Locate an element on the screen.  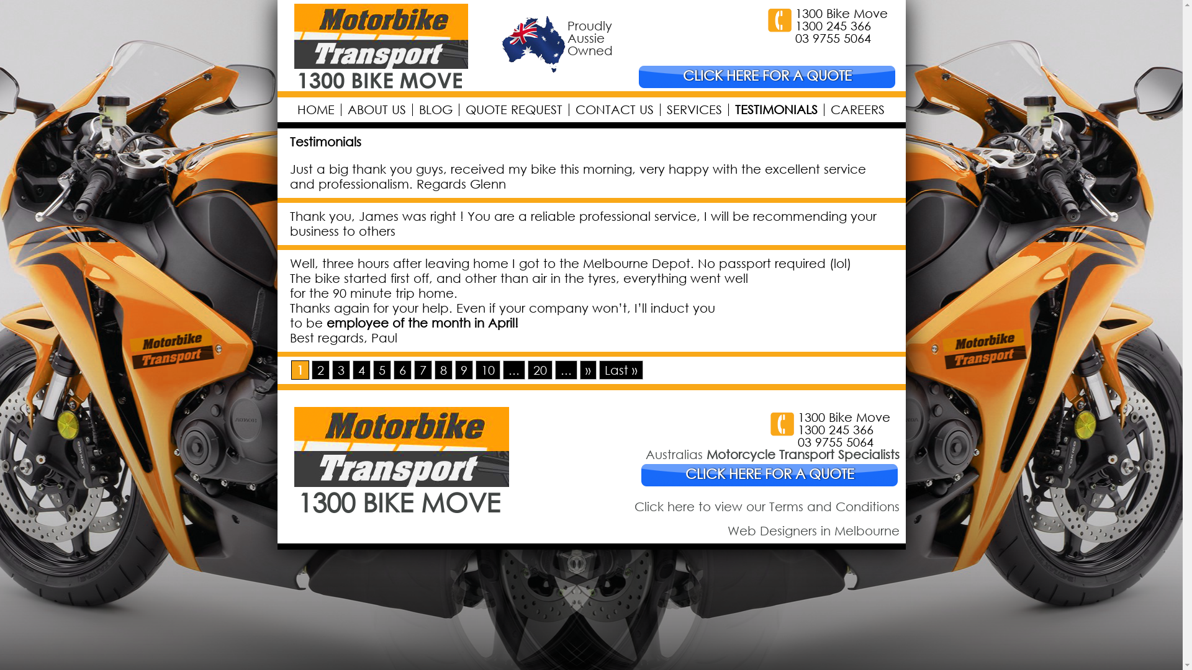
'6' is located at coordinates (402, 369).